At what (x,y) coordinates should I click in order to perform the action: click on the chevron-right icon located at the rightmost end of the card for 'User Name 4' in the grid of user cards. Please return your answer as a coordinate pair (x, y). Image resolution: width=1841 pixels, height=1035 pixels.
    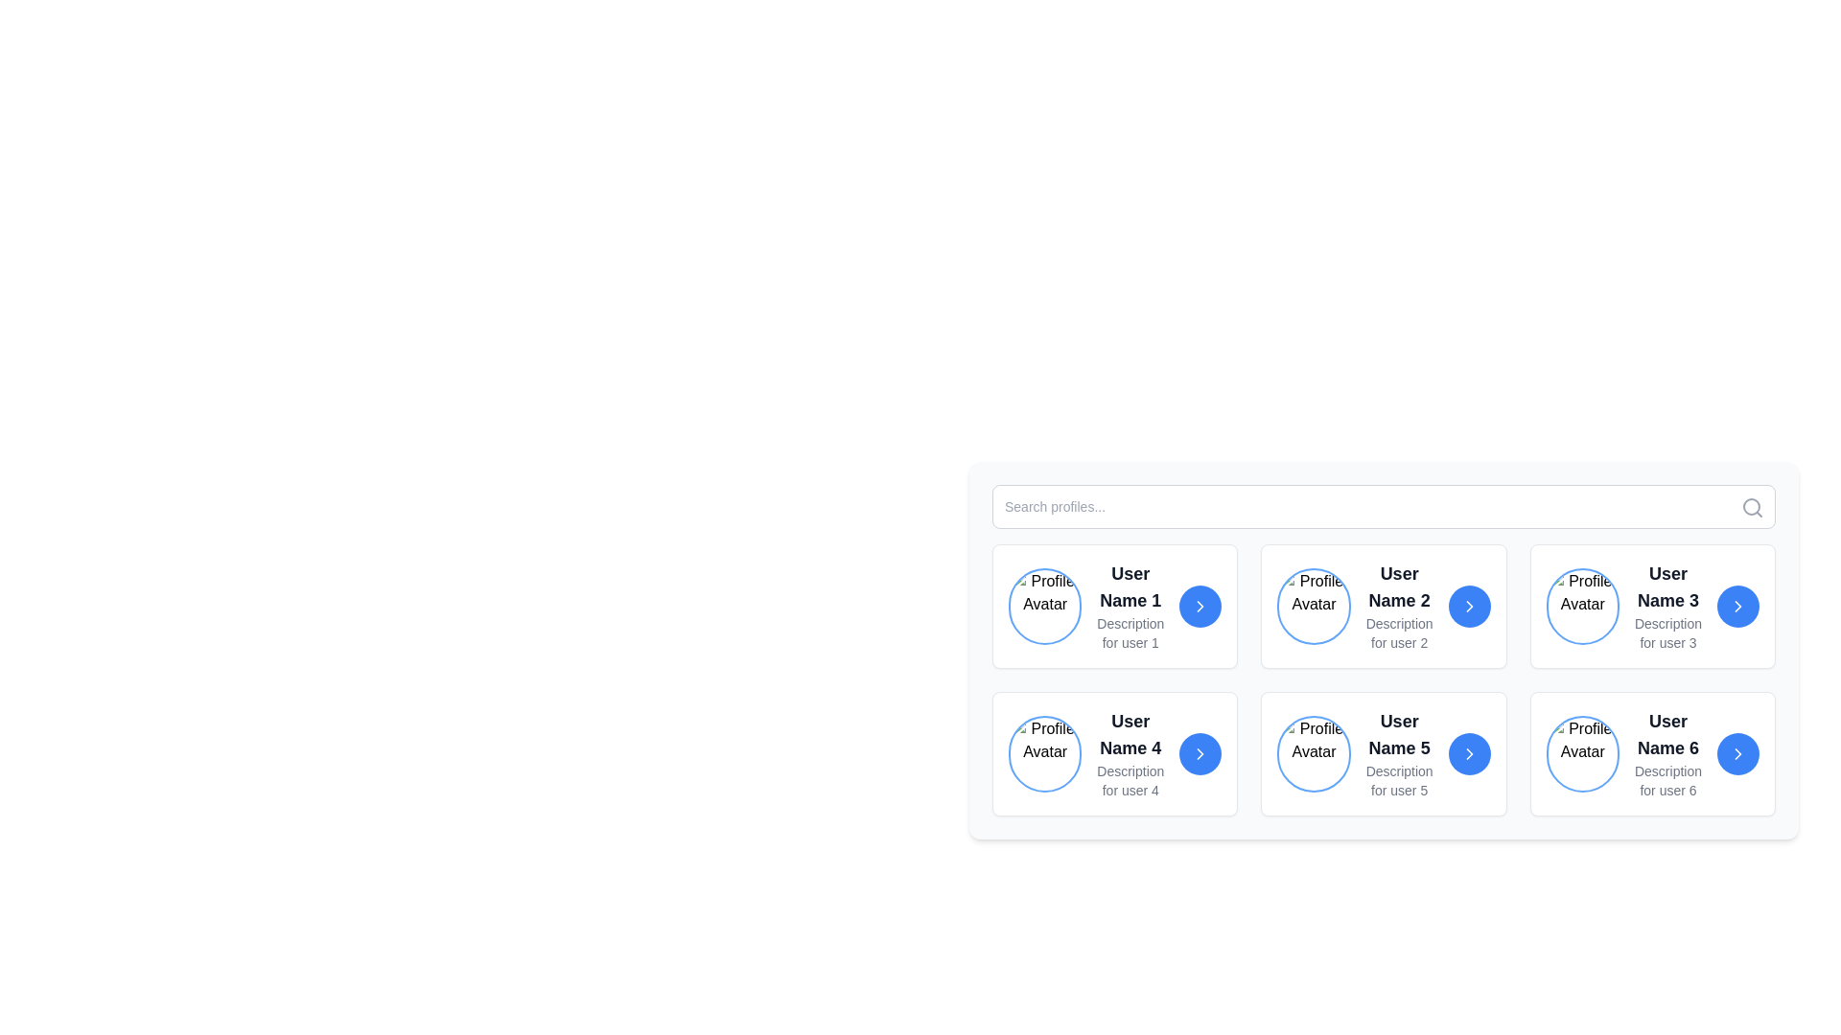
    Looking at the image, I should click on (1200, 752).